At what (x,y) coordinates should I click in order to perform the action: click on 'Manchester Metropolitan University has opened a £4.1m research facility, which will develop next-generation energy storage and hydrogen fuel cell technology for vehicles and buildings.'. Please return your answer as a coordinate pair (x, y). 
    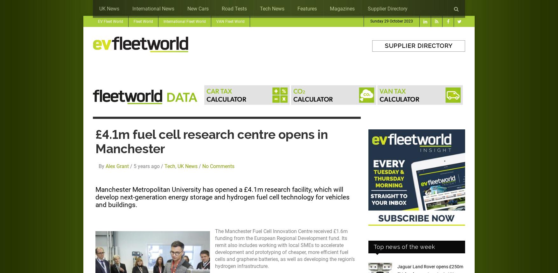
    Looking at the image, I should click on (222, 197).